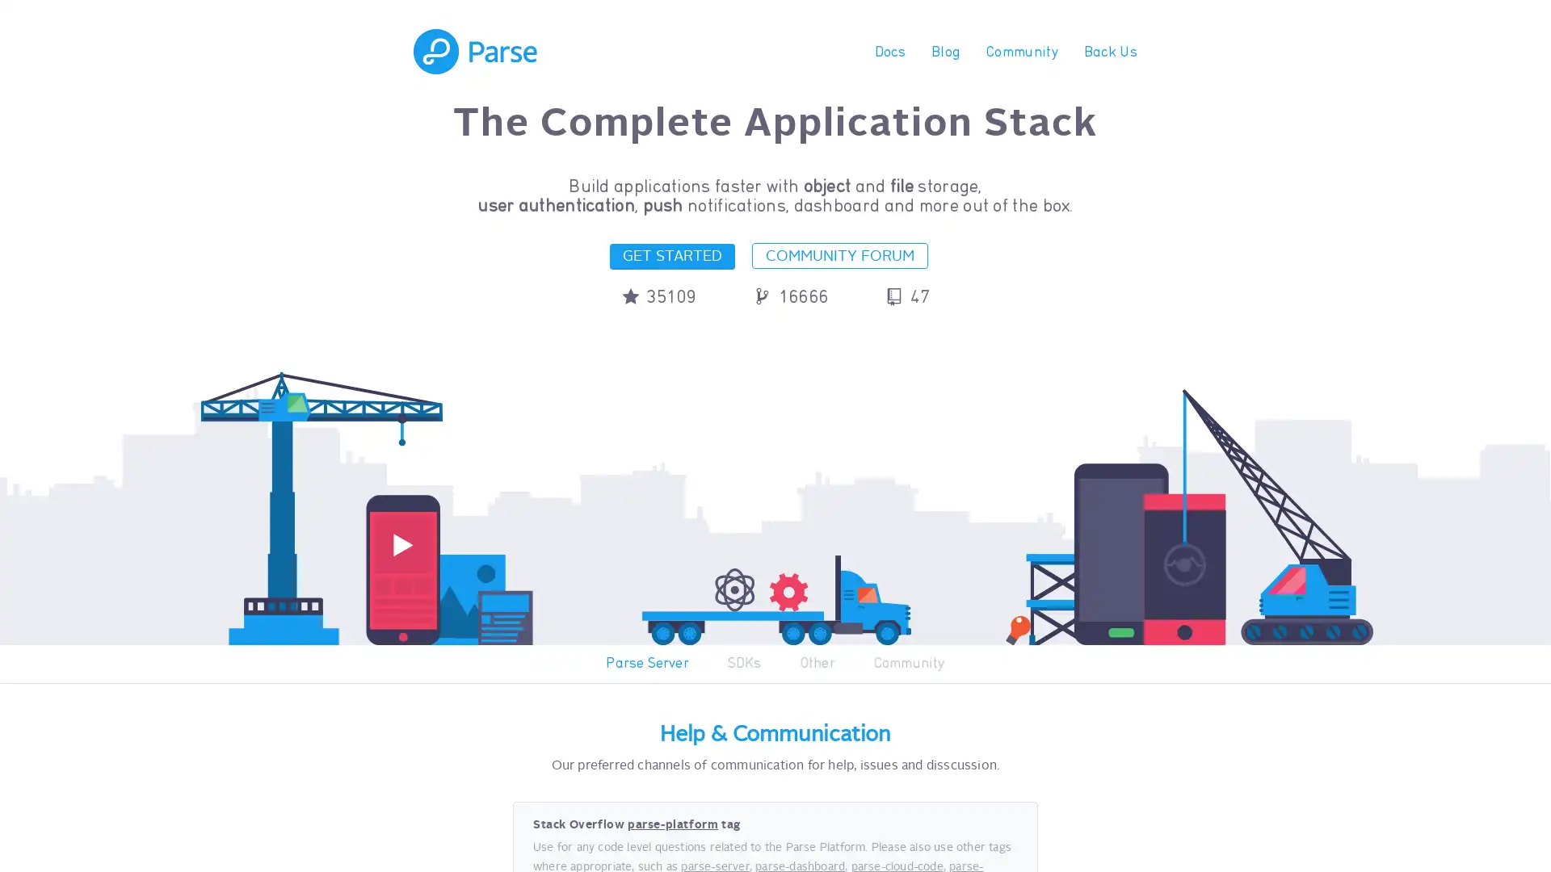 This screenshot has width=1551, height=872. What do you see at coordinates (840, 254) in the screenshot?
I see `COMMUNITY FORUM` at bounding box center [840, 254].